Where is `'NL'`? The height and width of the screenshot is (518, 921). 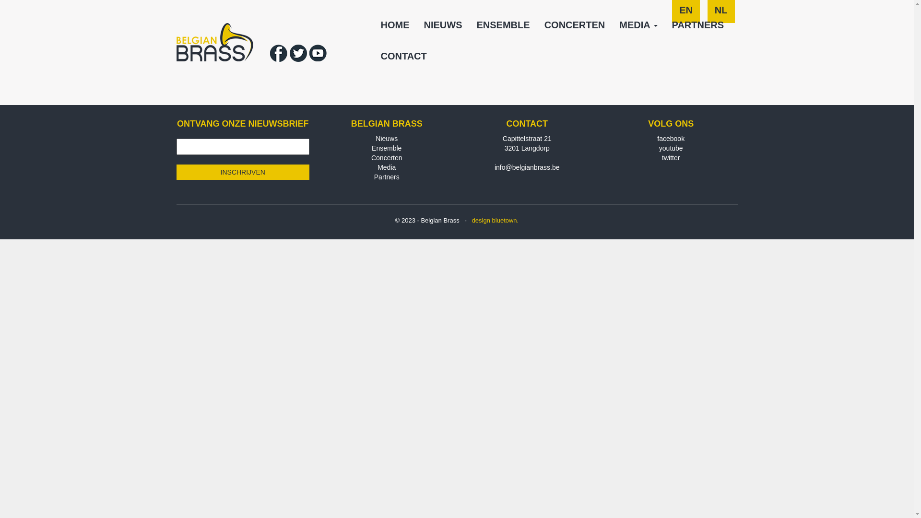 'NL' is located at coordinates (721, 14).